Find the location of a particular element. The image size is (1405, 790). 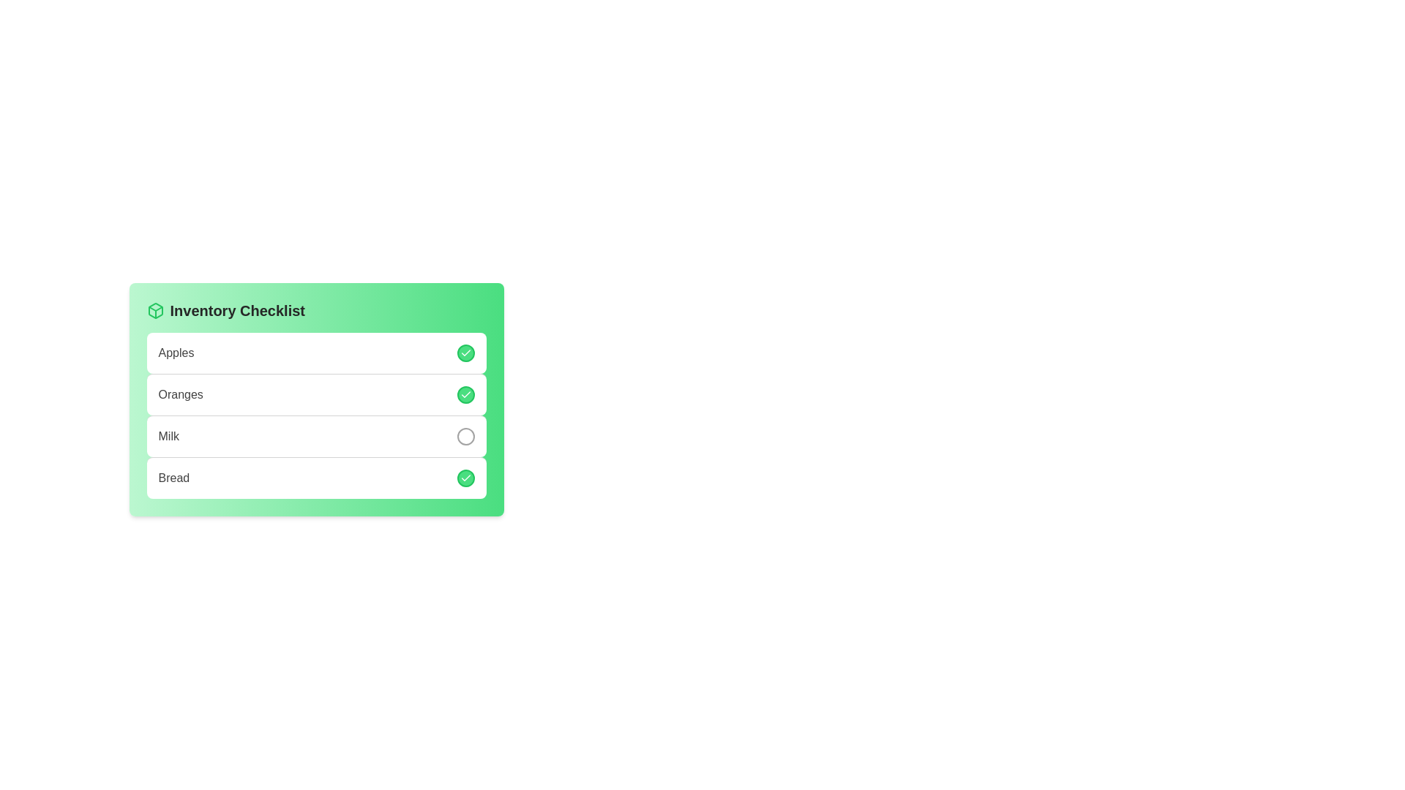

the small checkmark icon styled as an SVG element, which is visually distinct with a white checkmark symbol surrounded by a green circle background, located to the right of the text label 'Oranges' in the checklist interface is located at coordinates (465, 353).